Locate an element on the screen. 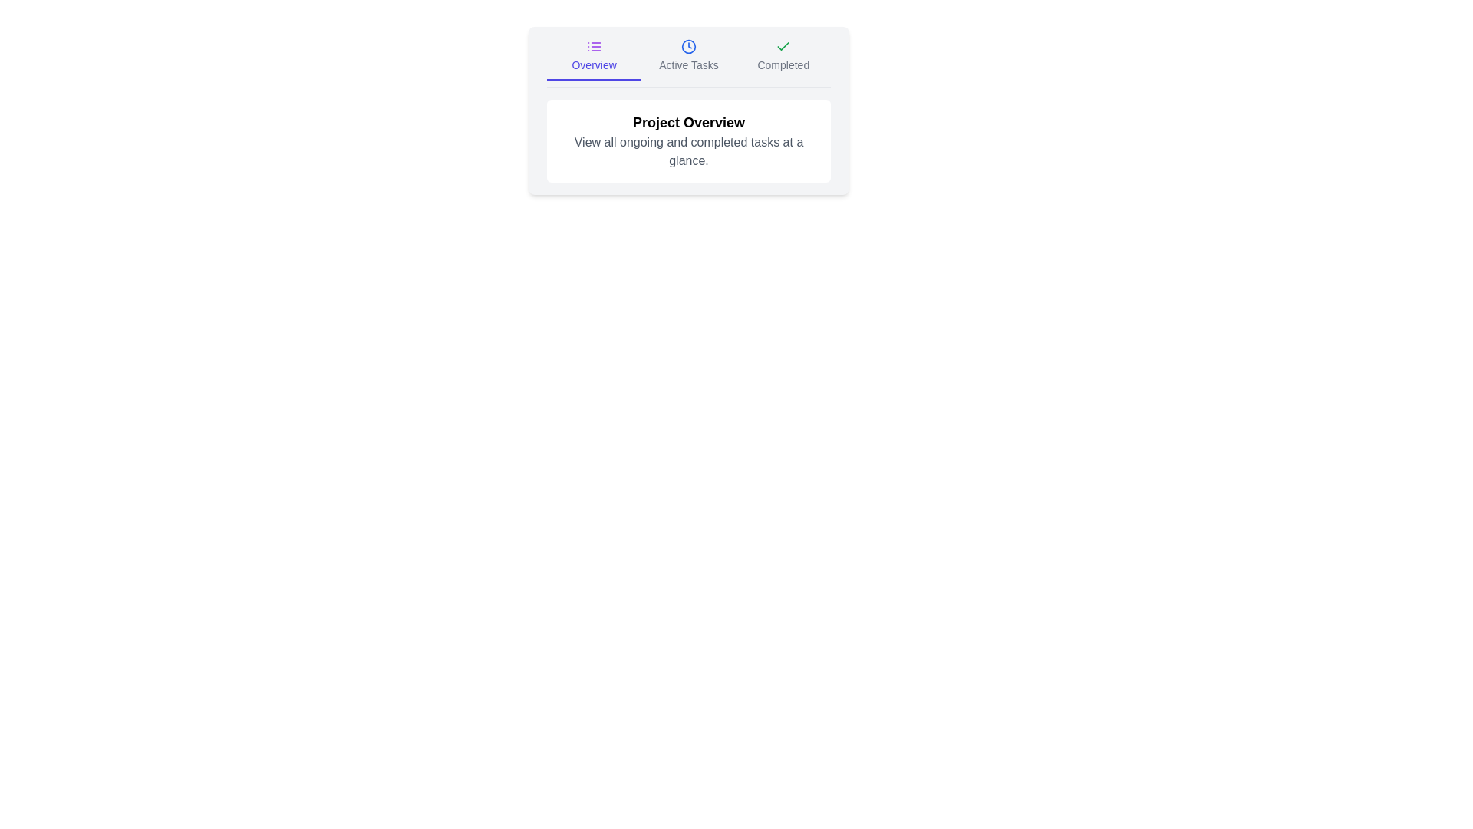  the Overview tab is located at coordinates (593, 58).